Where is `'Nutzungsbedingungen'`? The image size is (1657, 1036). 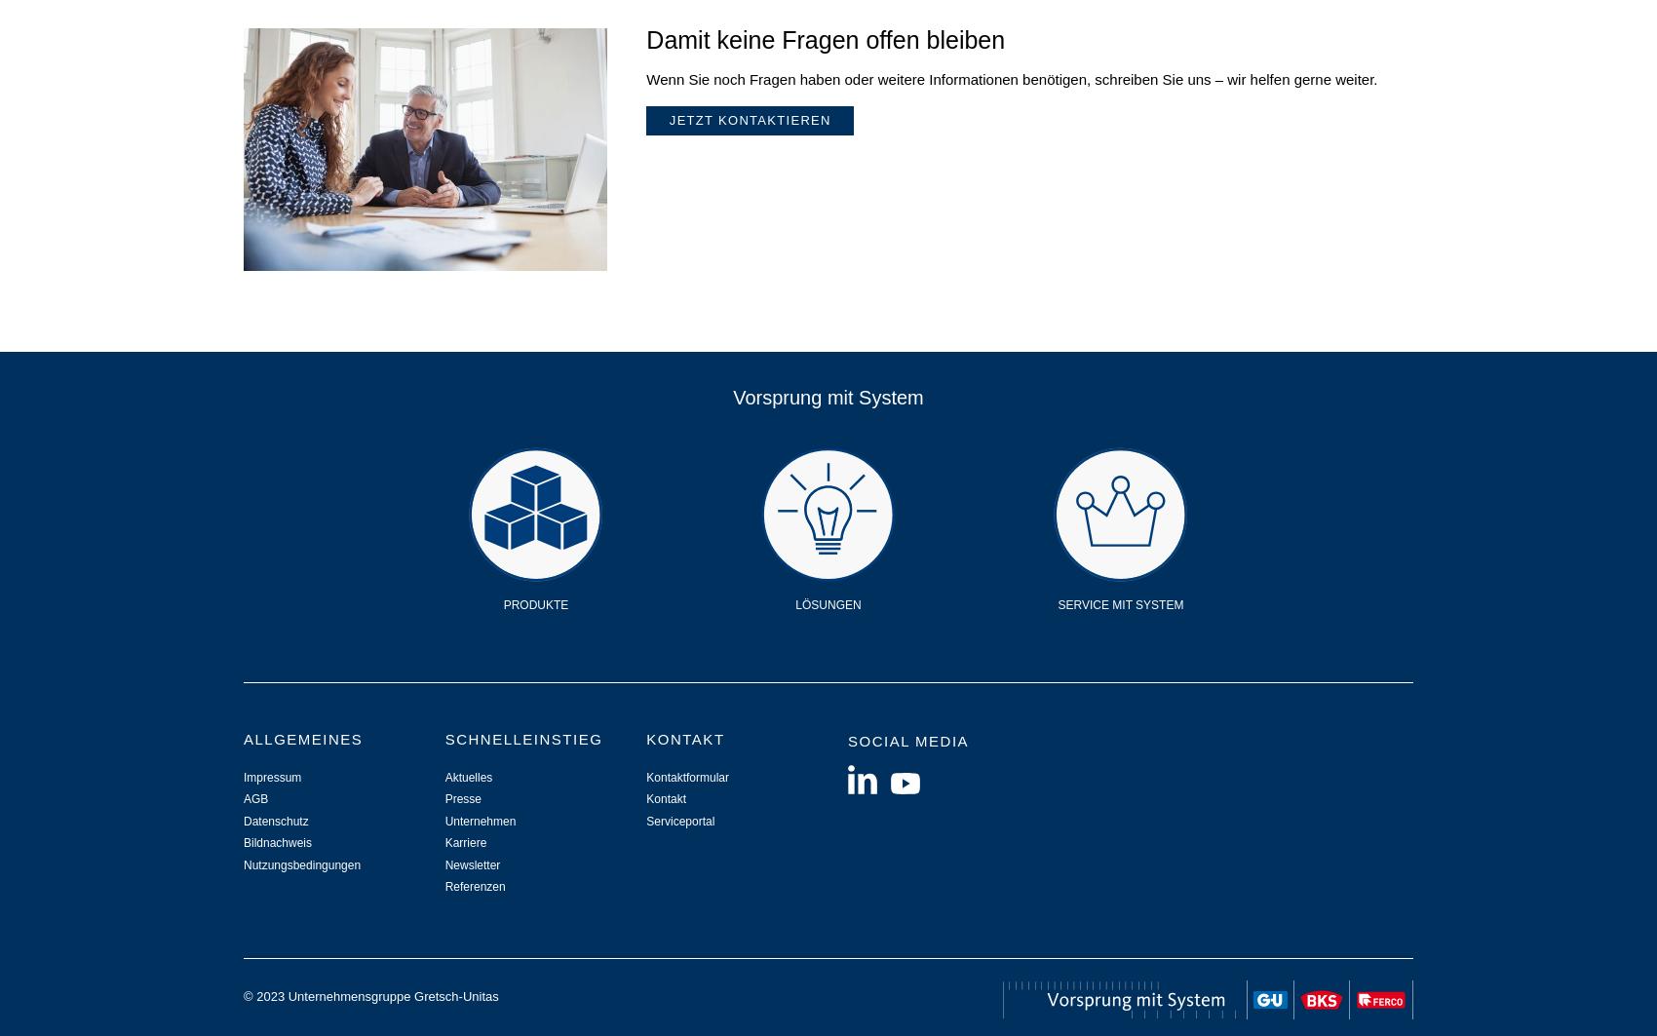
'Nutzungsbedingungen' is located at coordinates (302, 863).